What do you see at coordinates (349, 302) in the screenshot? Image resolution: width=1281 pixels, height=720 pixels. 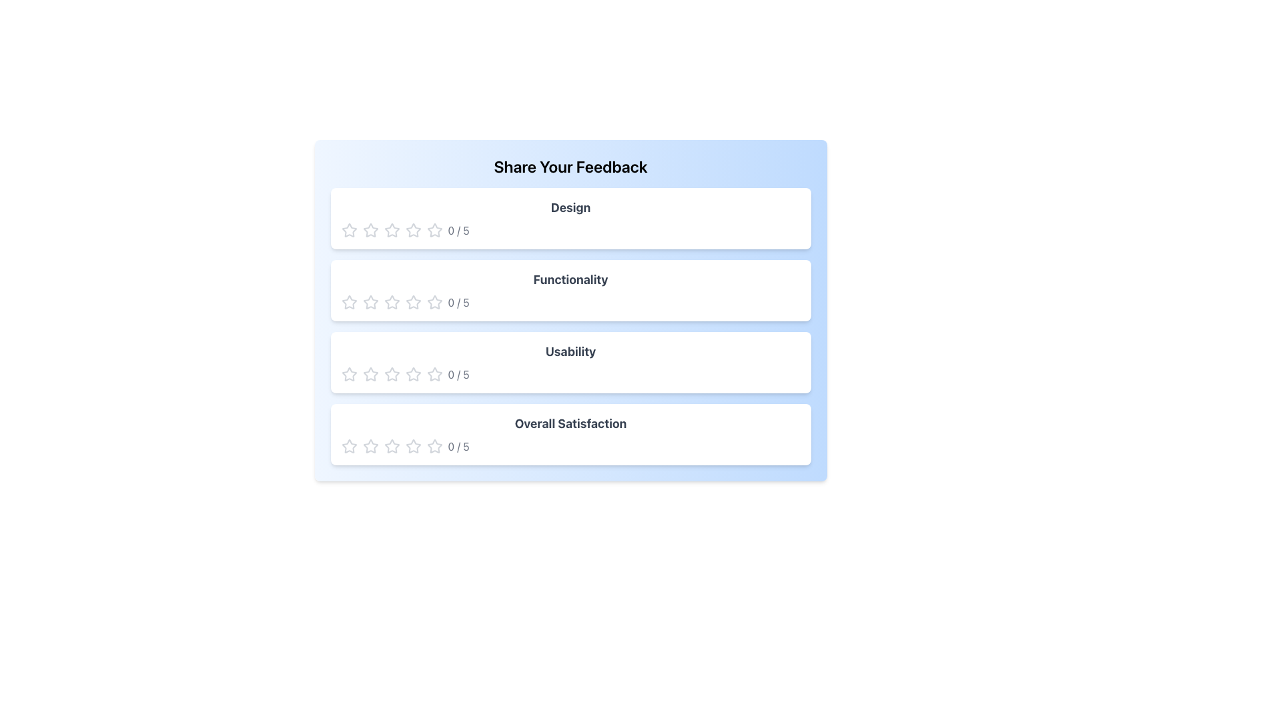 I see `the first star in the rating row for the 'Functionality' feedback category` at bounding box center [349, 302].